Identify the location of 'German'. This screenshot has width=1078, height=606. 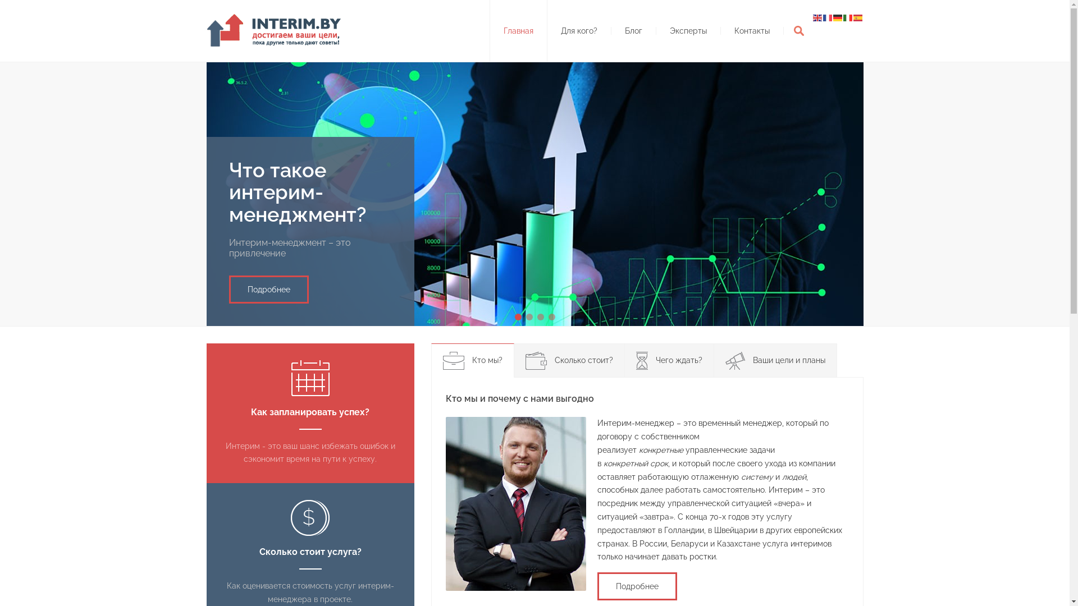
(838, 17).